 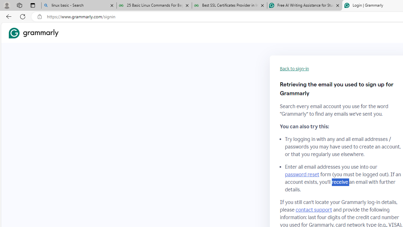 What do you see at coordinates (314, 210) in the screenshot?
I see `'contact support'` at bounding box center [314, 210].